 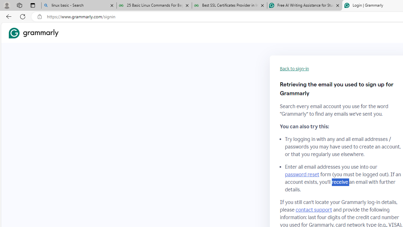 What do you see at coordinates (314, 210) in the screenshot?
I see `'contact support'` at bounding box center [314, 210].